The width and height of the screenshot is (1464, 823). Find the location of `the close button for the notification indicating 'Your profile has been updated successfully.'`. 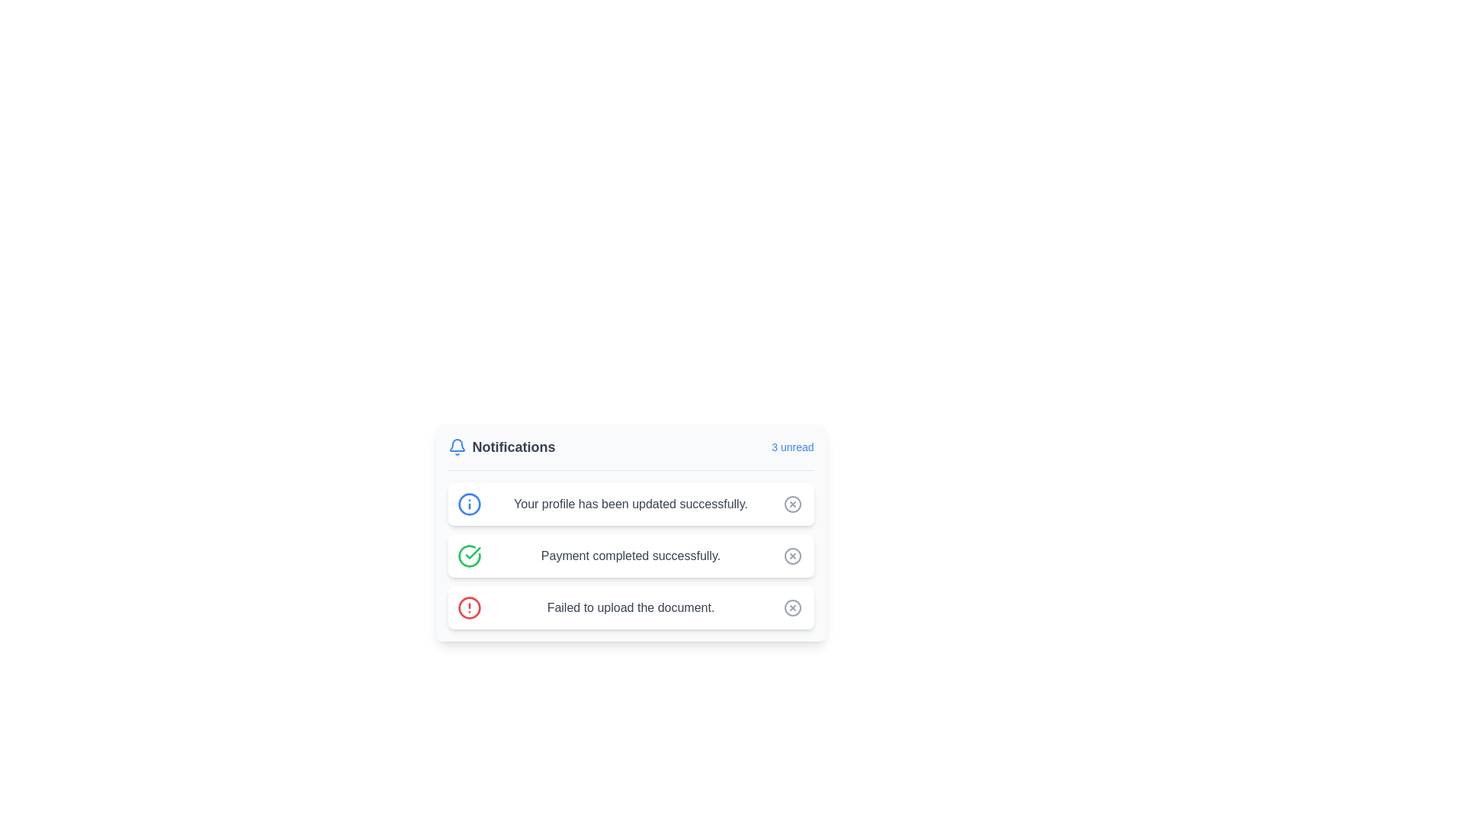

the close button for the notification indicating 'Your profile has been updated successfully.' is located at coordinates (792, 504).